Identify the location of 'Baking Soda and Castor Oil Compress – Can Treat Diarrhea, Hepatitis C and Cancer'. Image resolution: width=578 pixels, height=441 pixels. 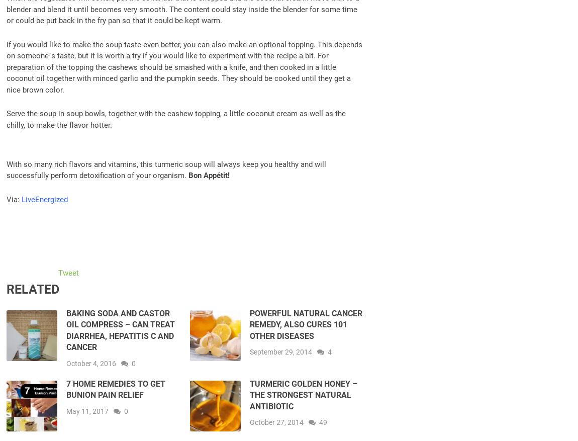
(120, 330).